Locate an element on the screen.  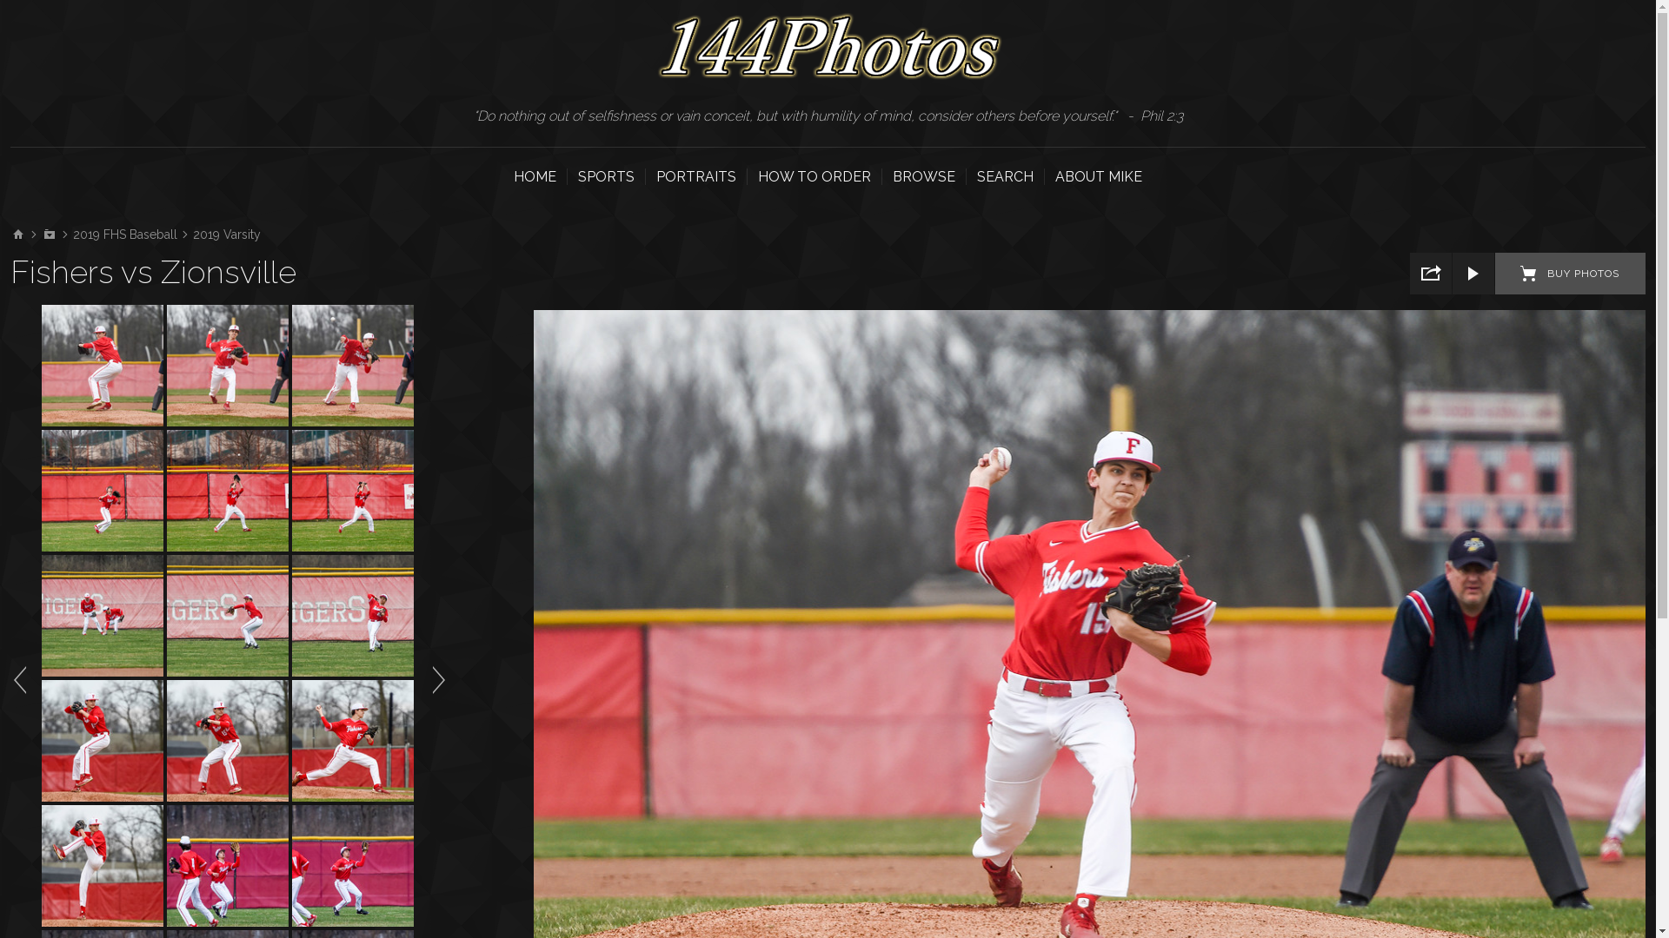
'HOW TO ORDER' is located at coordinates (813, 176).